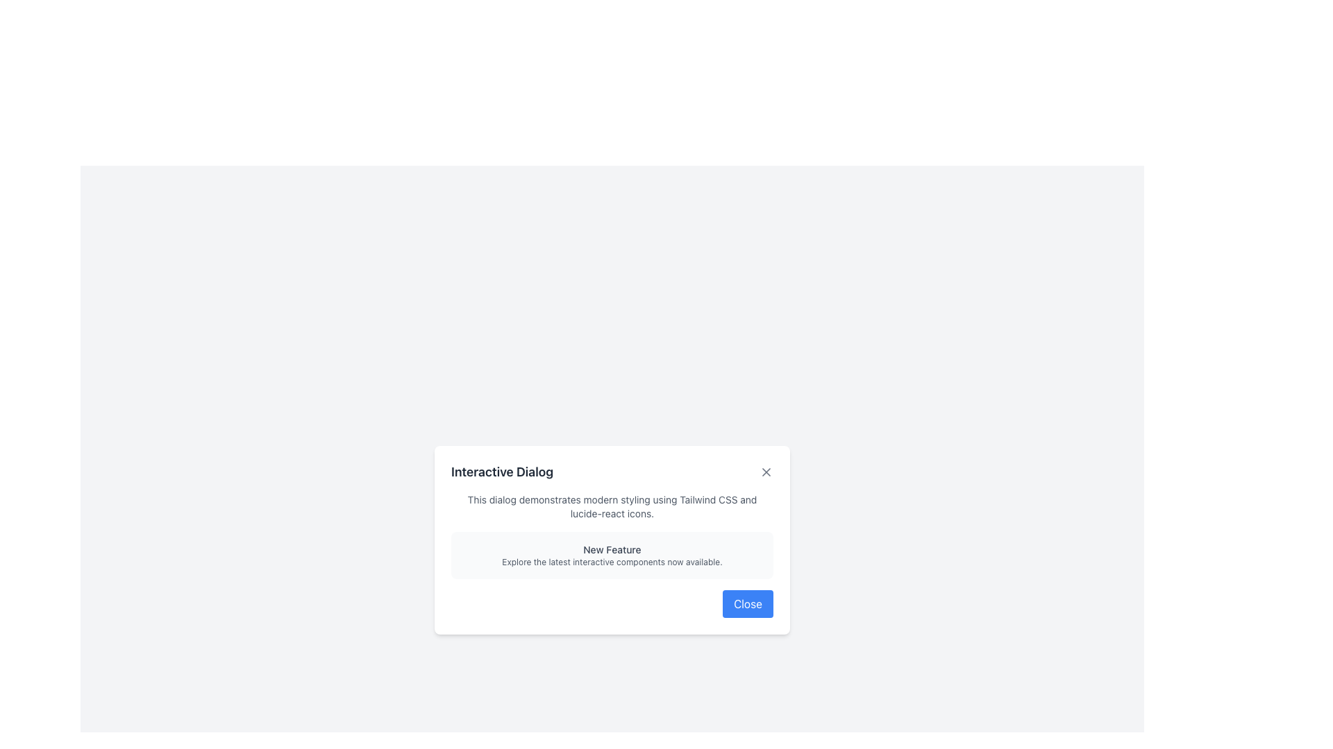 The height and width of the screenshot is (749, 1333). I want to click on the close button represented by an 'X' symbol in the top-right corner of the 'Interactive Dialog', so click(766, 472).